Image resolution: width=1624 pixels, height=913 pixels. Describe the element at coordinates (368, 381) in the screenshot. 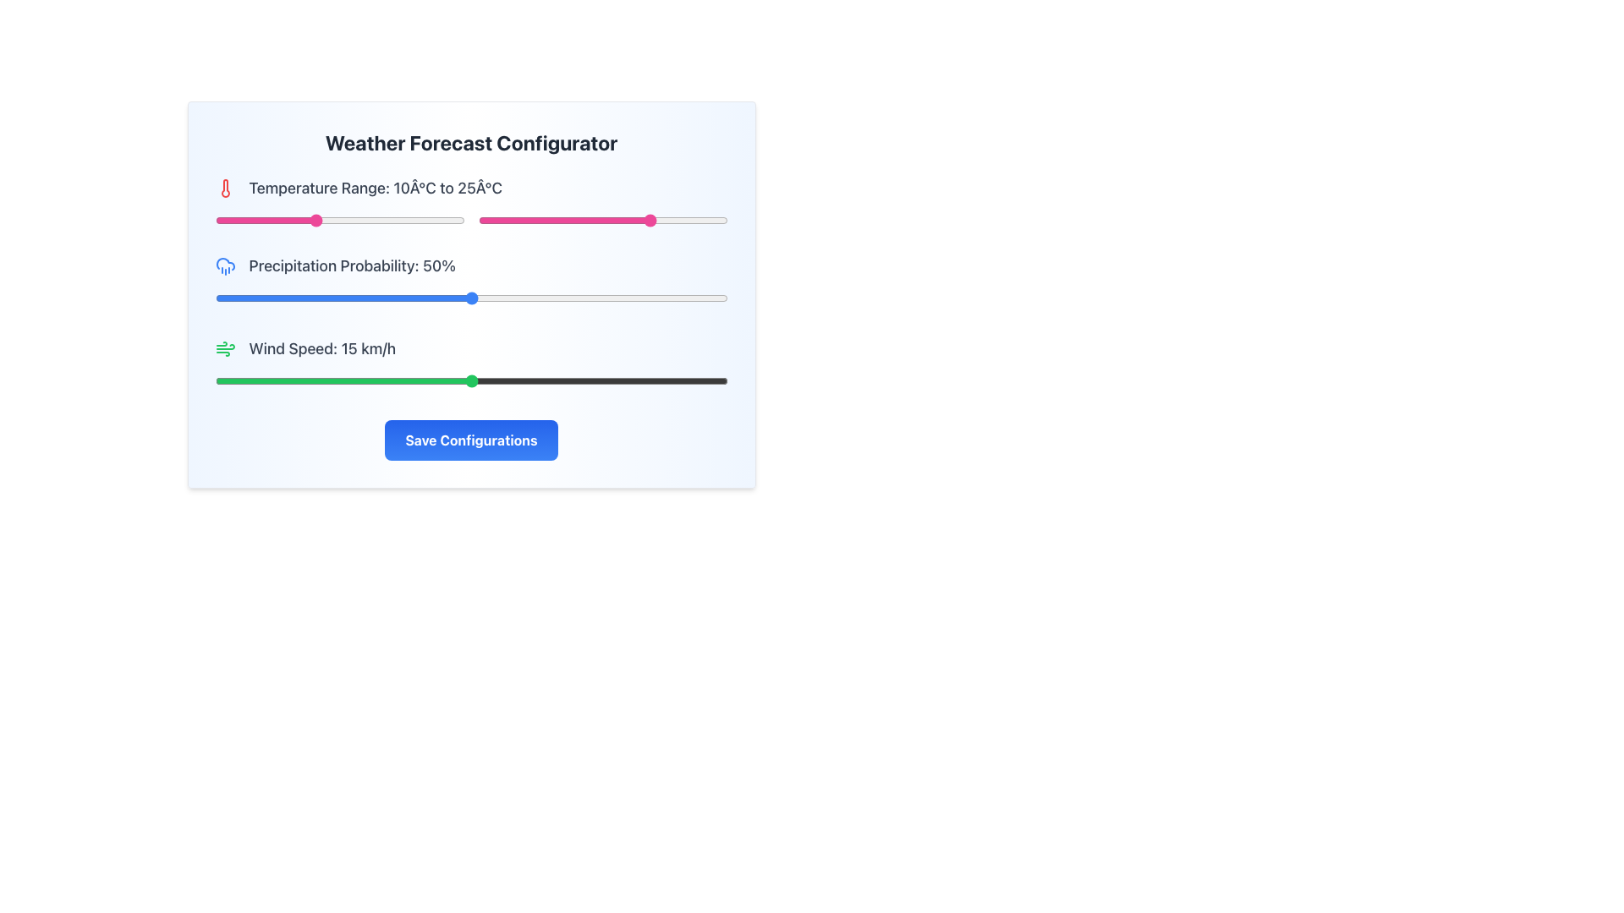

I see `wind speed` at that location.